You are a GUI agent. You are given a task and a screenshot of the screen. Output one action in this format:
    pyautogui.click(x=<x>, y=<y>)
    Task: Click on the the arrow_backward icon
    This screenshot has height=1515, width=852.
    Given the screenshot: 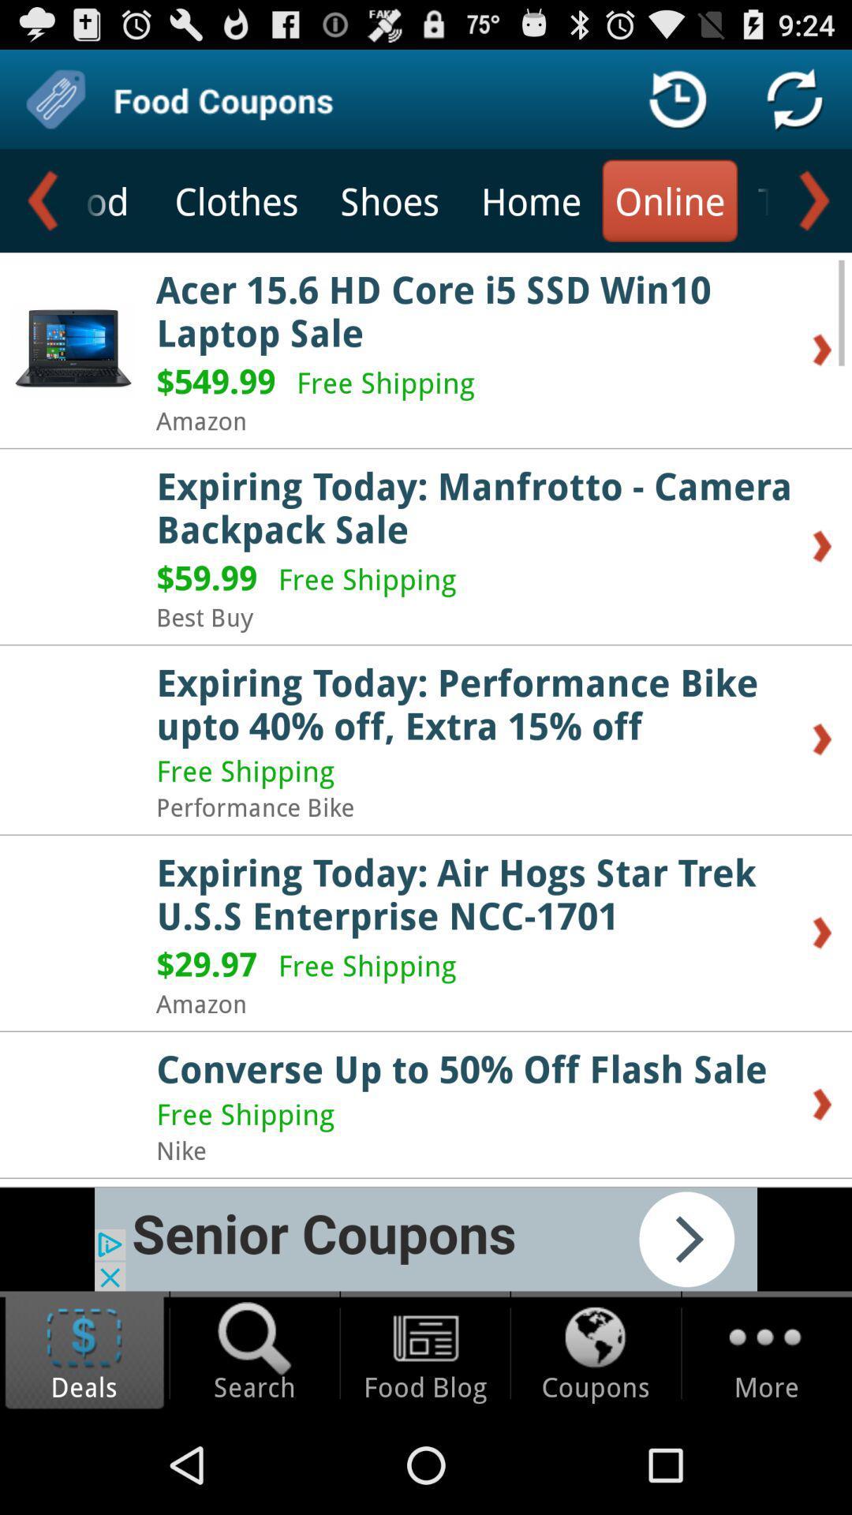 What is the action you would take?
    pyautogui.click(x=40, y=214)
    